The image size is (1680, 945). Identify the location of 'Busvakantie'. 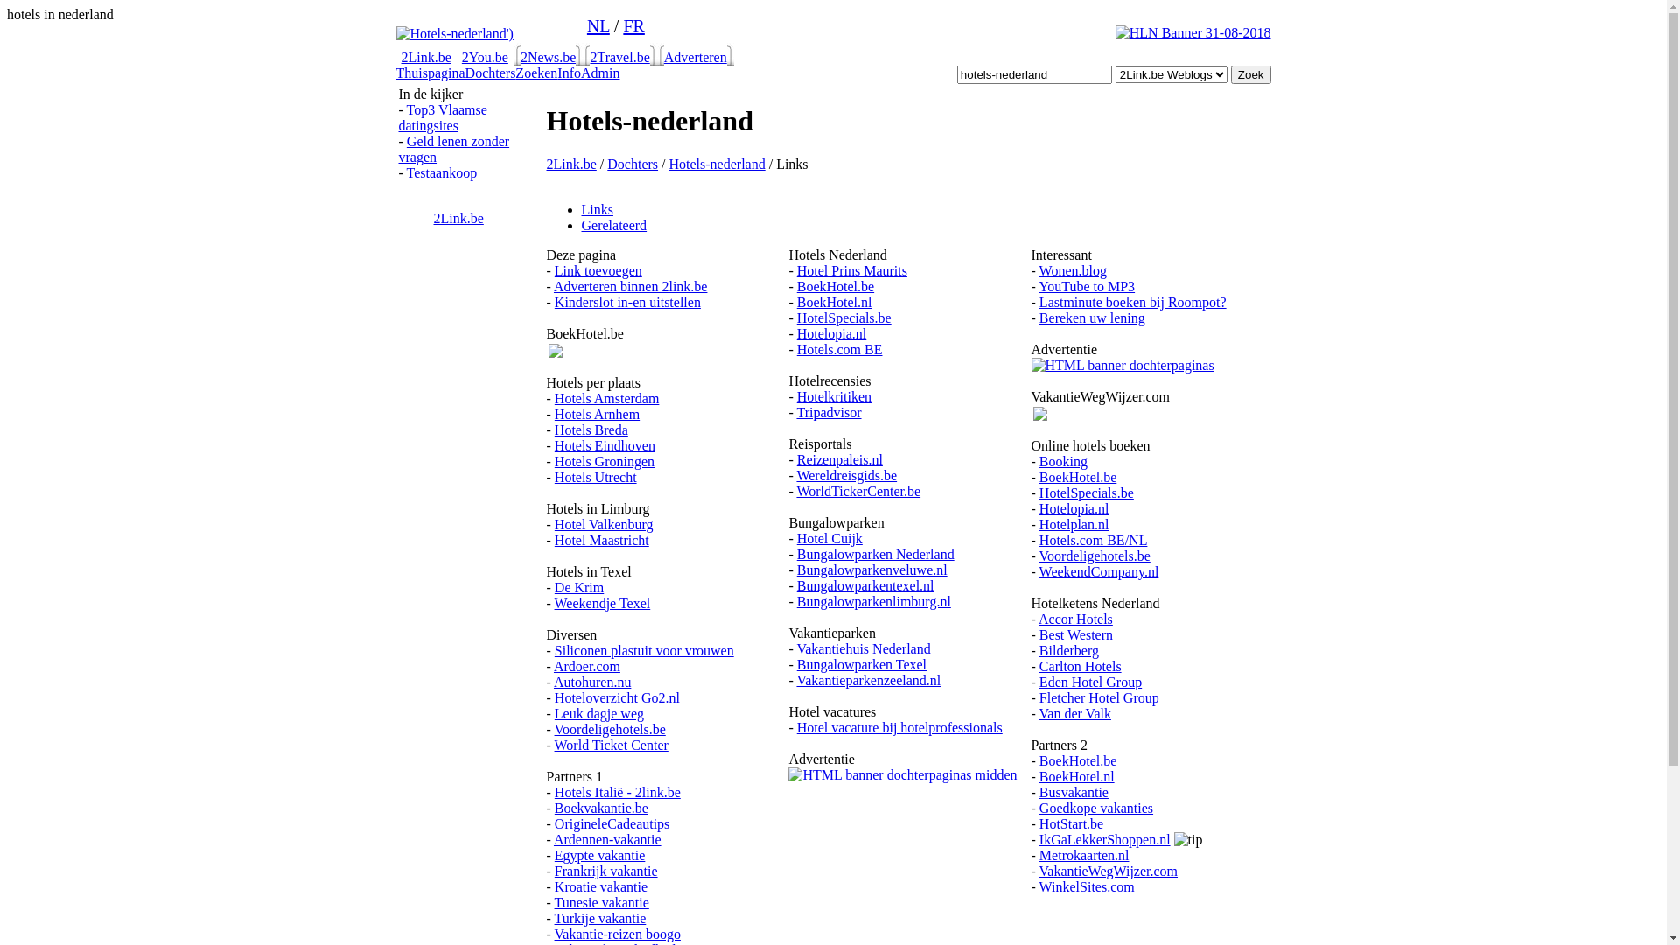
(1073, 792).